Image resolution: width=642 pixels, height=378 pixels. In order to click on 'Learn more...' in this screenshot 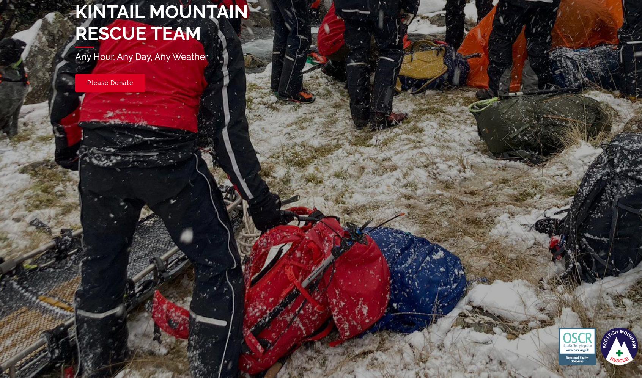, I will do `click(245, 366)`.